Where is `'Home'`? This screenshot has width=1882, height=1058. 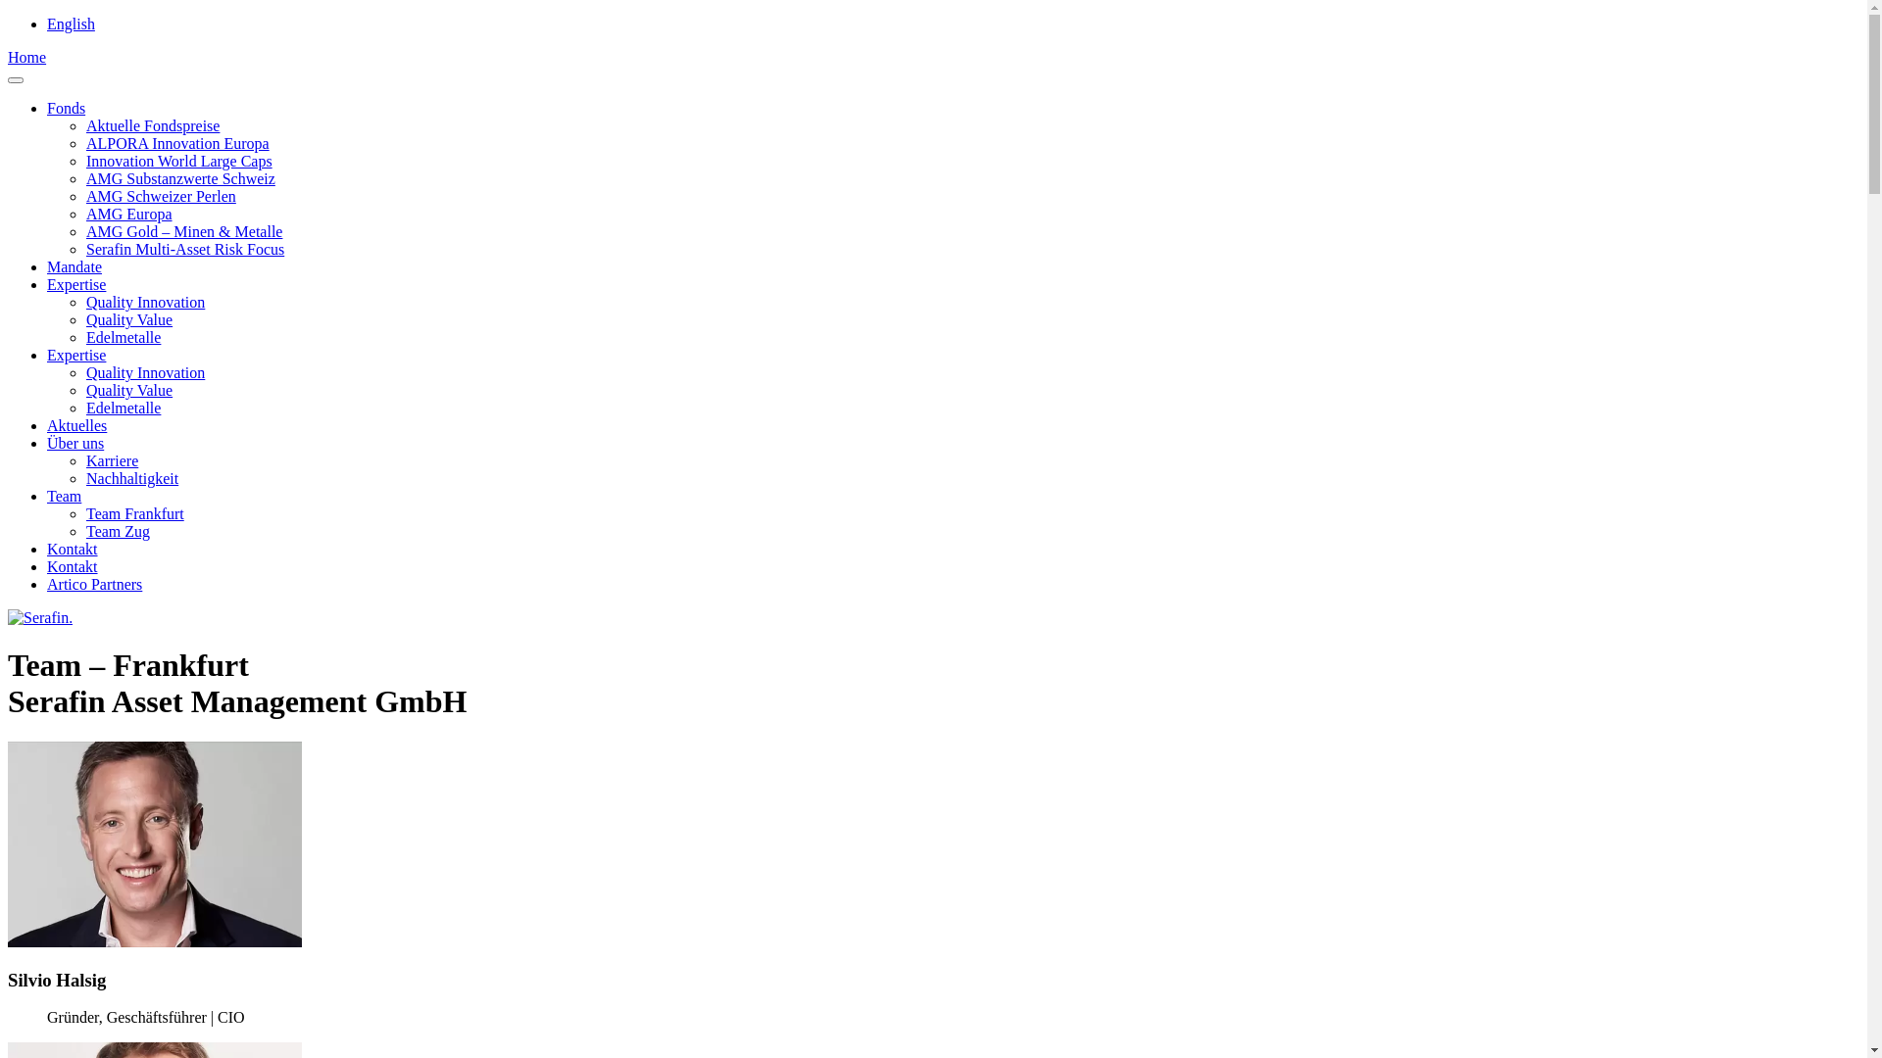 'Home' is located at coordinates (26, 56).